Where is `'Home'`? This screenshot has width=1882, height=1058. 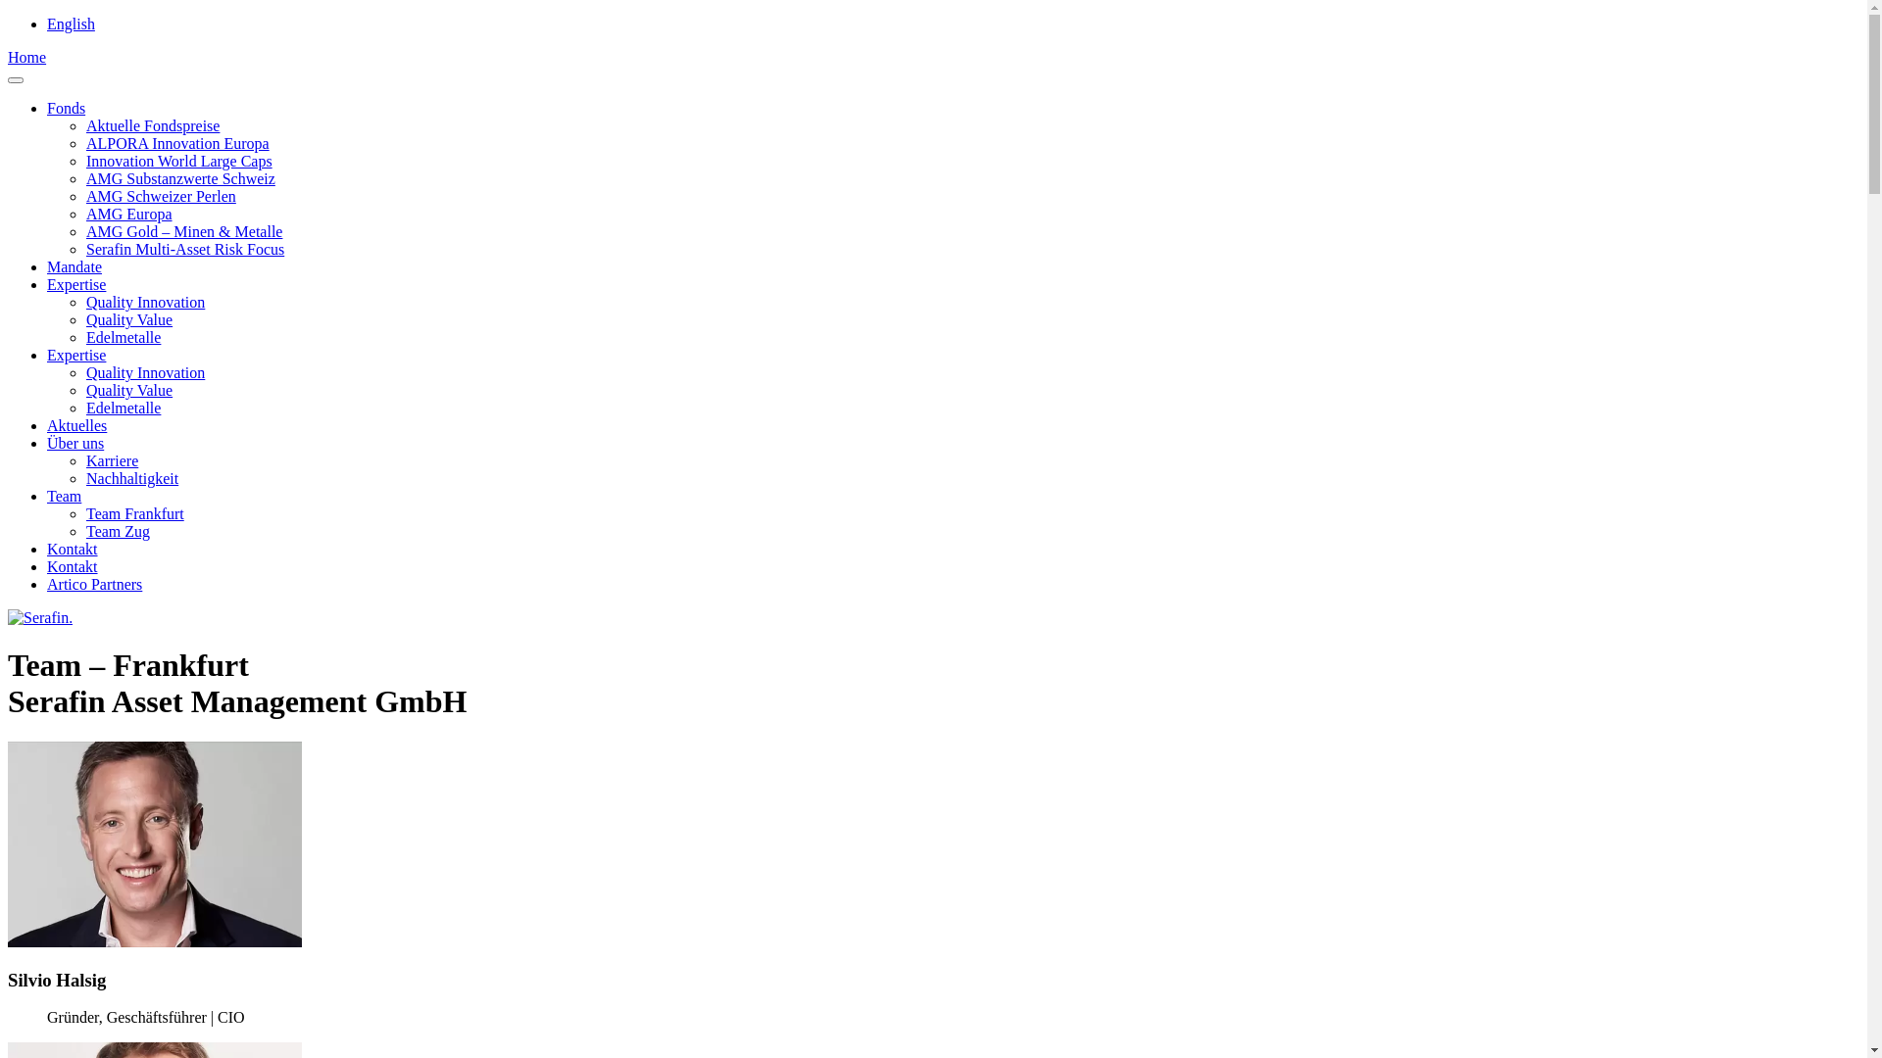 'Home' is located at coordinates (26, 56).